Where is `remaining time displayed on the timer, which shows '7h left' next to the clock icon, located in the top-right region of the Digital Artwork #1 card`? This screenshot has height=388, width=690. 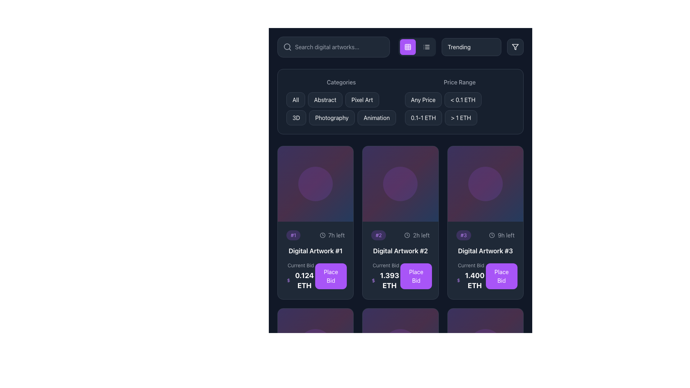 remaining time displayed on the timer, which shows '7h left' next to the clock icon, located in the top-right region of the Digital Artwork #1 card is located at coordinates (332, 235).